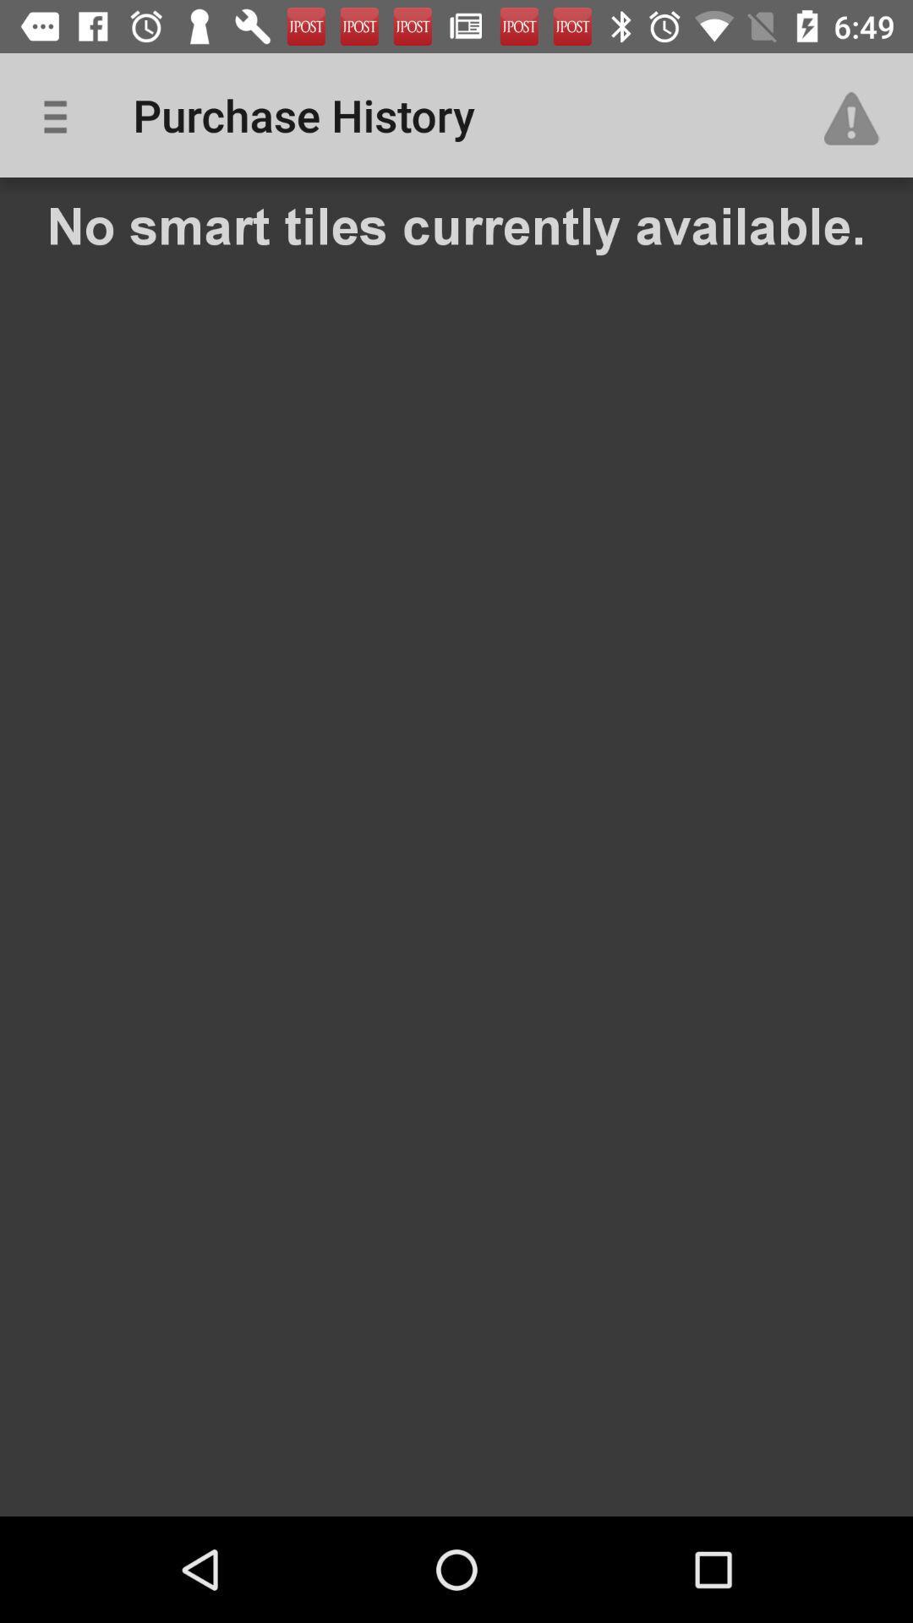  Describe the element at coordinates (61, 114) in the screenshot. I see `the icon above no smart tiles` at that location.